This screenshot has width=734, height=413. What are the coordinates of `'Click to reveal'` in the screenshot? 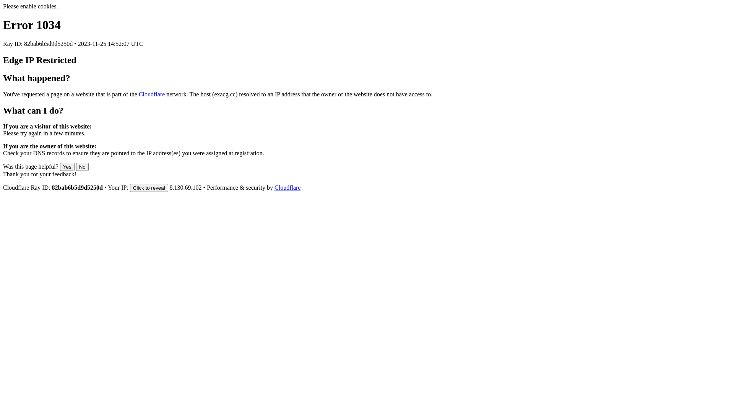 It's located at (149, 188).